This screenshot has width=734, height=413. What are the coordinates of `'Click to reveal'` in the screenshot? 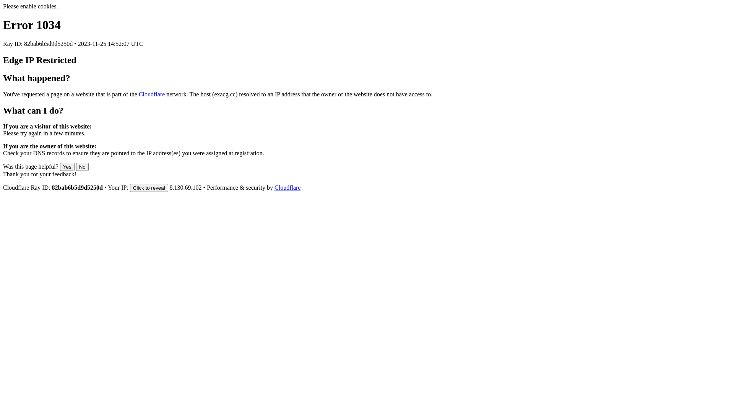 It's located at (149, 188).